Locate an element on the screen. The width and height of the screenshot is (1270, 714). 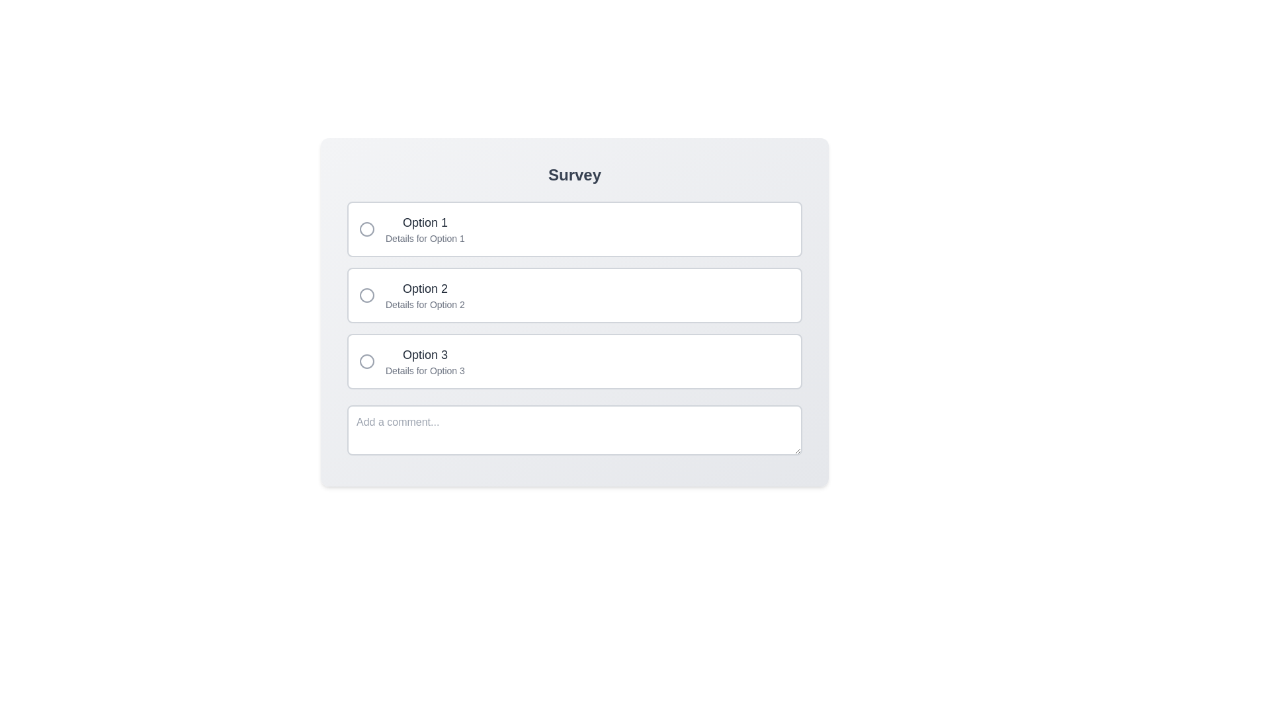
the 'Option 2' selectable list item is located at coordinates (574, 295).